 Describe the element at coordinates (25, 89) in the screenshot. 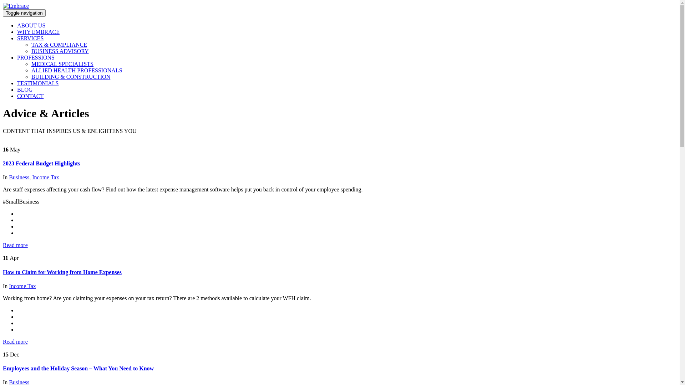

I see `'BLOG'` at that location.